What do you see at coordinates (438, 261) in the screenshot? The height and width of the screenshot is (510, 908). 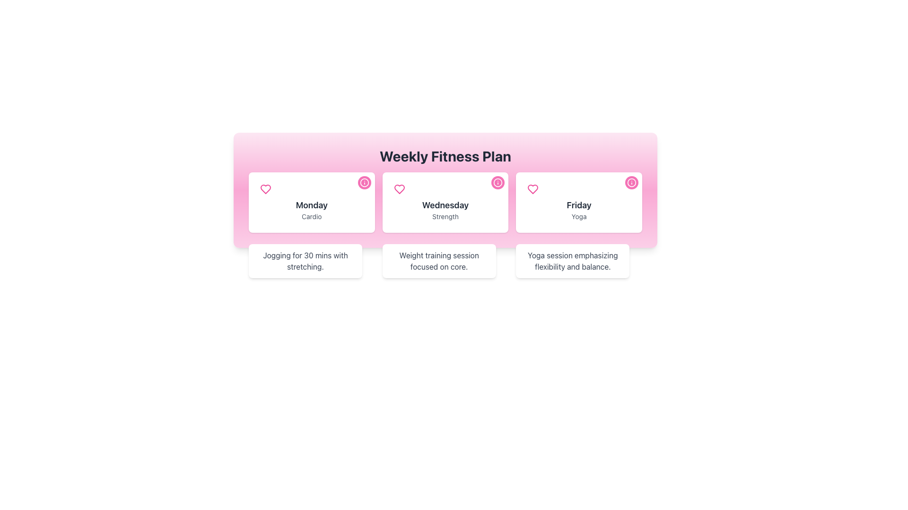 I see `descriptive Text Block providing additional information about the fitness activity scheduled for Wednesday, positioned directly beneath the 'Wednesday' card in the 'Weekly Fitness Plan' interface` at bounding box center [438, 261].